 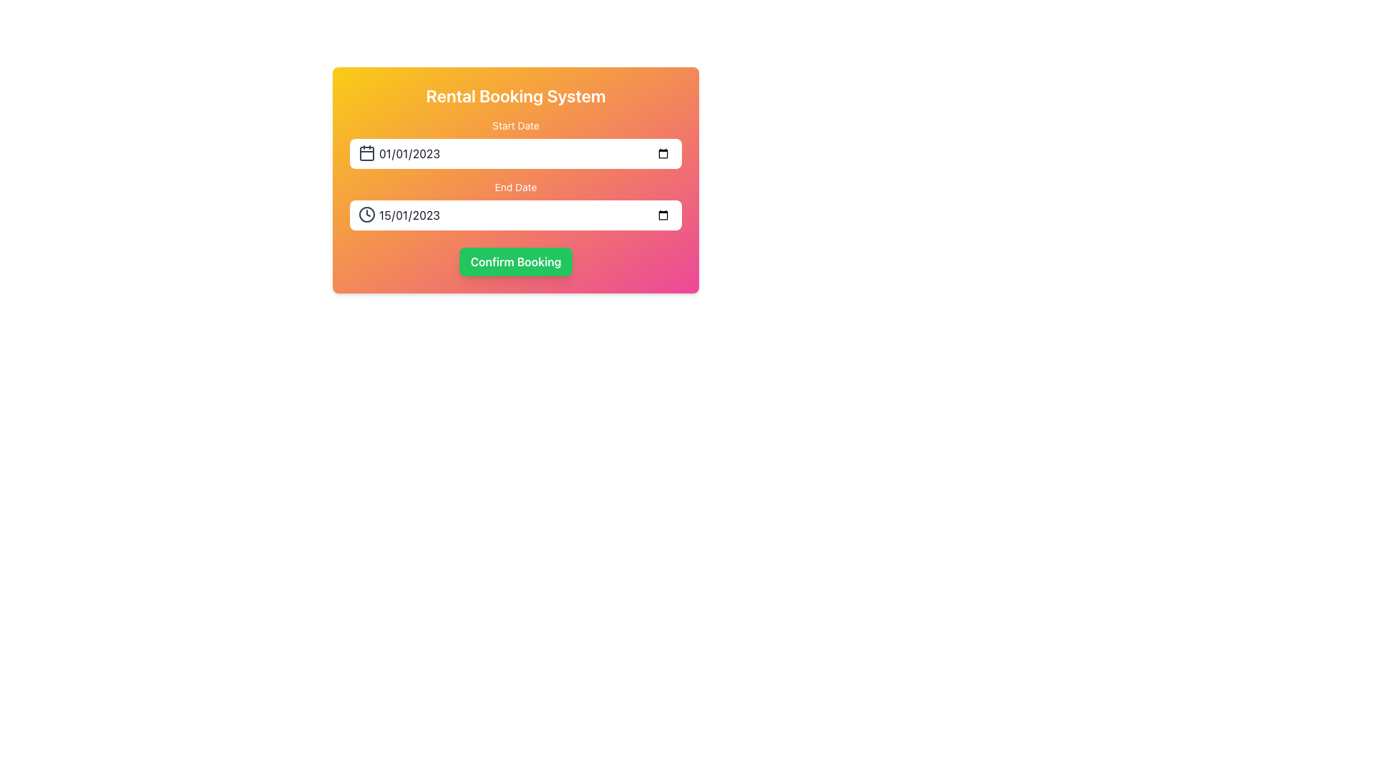 What do you see at coordinates (515, 125) in the screenshot?
I see `the 'Start Date' label, which is styled with a small font size and positioned above the date input field in the form` at bounding box center [515, 125].